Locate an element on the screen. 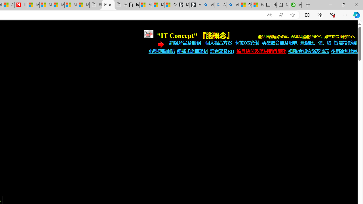  'How to Use a TV as a Computer Monitor' is located at coordinates (258, 5).